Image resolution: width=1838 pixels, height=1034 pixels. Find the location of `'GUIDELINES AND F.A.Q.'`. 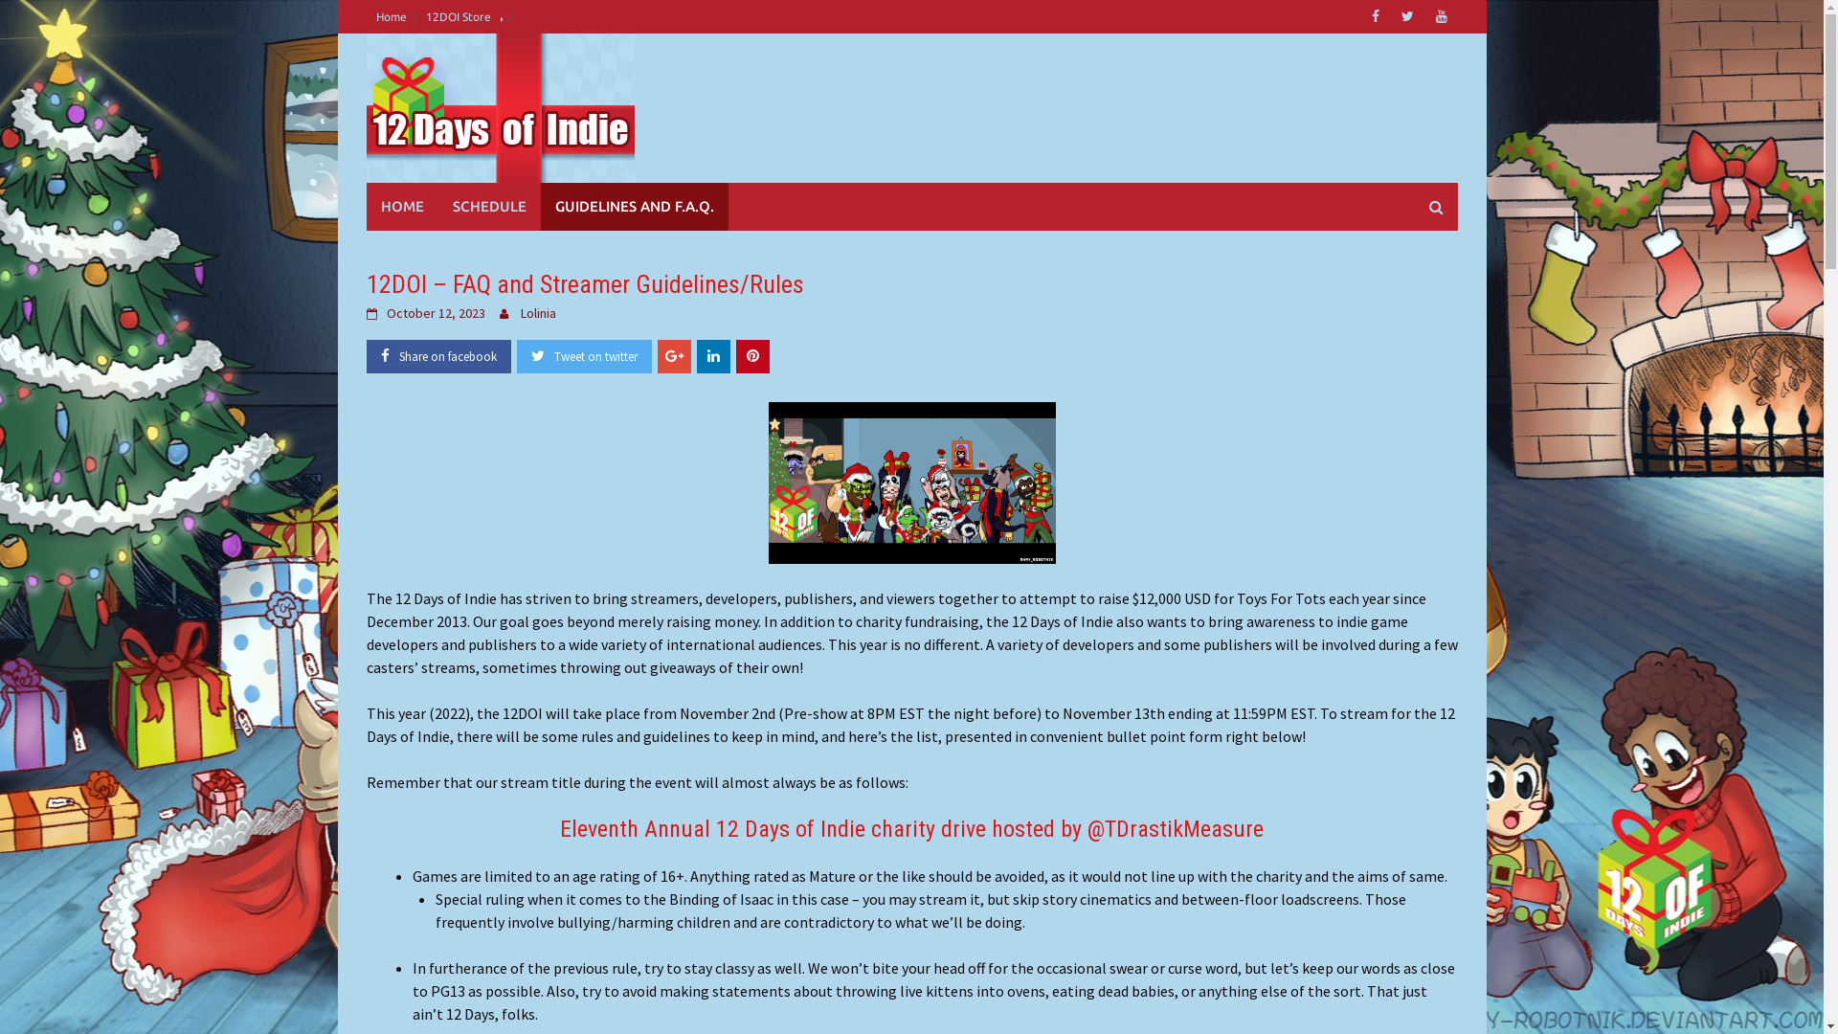

'GUIDELINES AND F.A.Q.' is located at coordinates (539, 207).